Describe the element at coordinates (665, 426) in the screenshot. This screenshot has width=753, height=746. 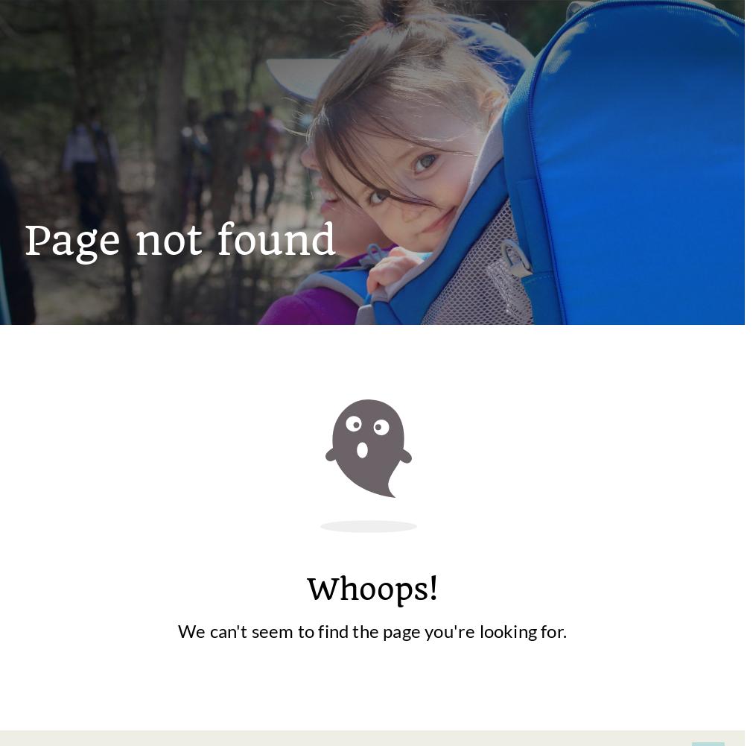
I see `'Who We Are'` at that location.